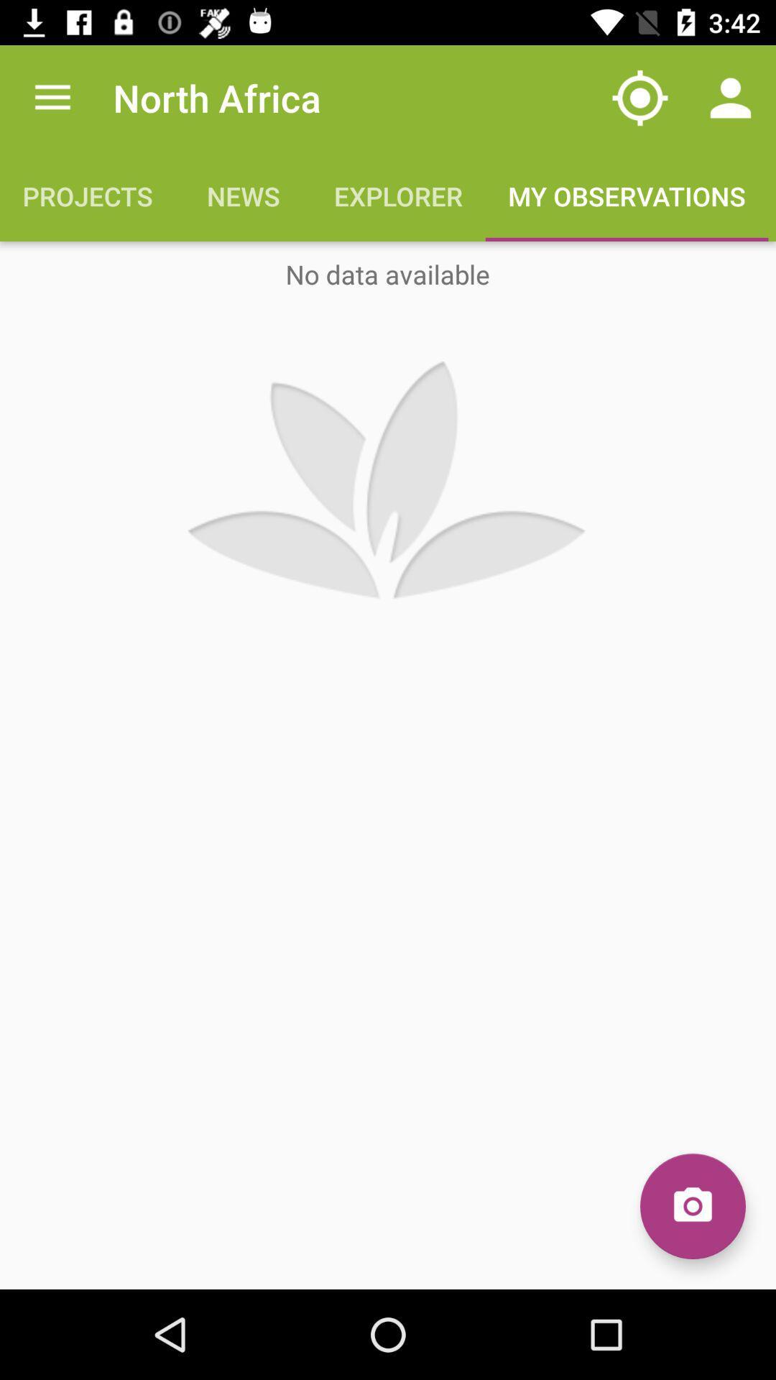  I want to click on the icon next to the north africa icon, so click(639, 97).